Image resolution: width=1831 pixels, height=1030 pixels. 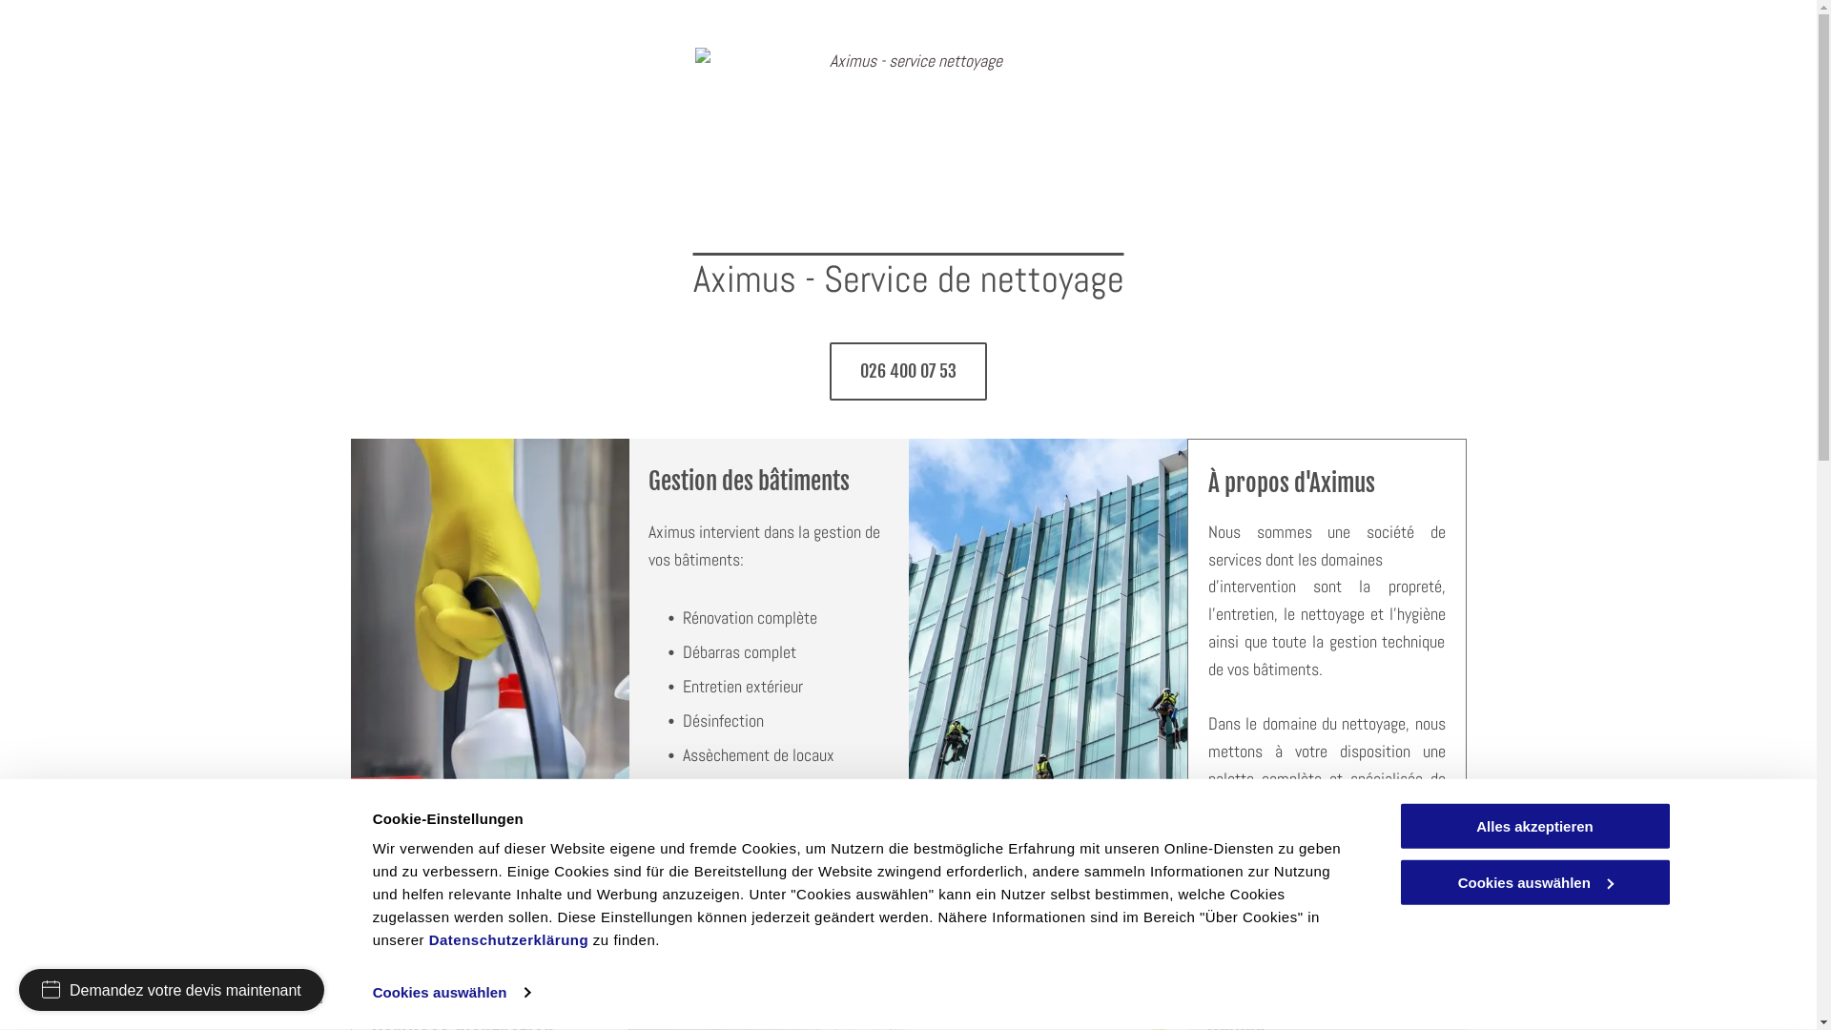 I want to click on '026 400 07 53', so click(x=829, y=371).